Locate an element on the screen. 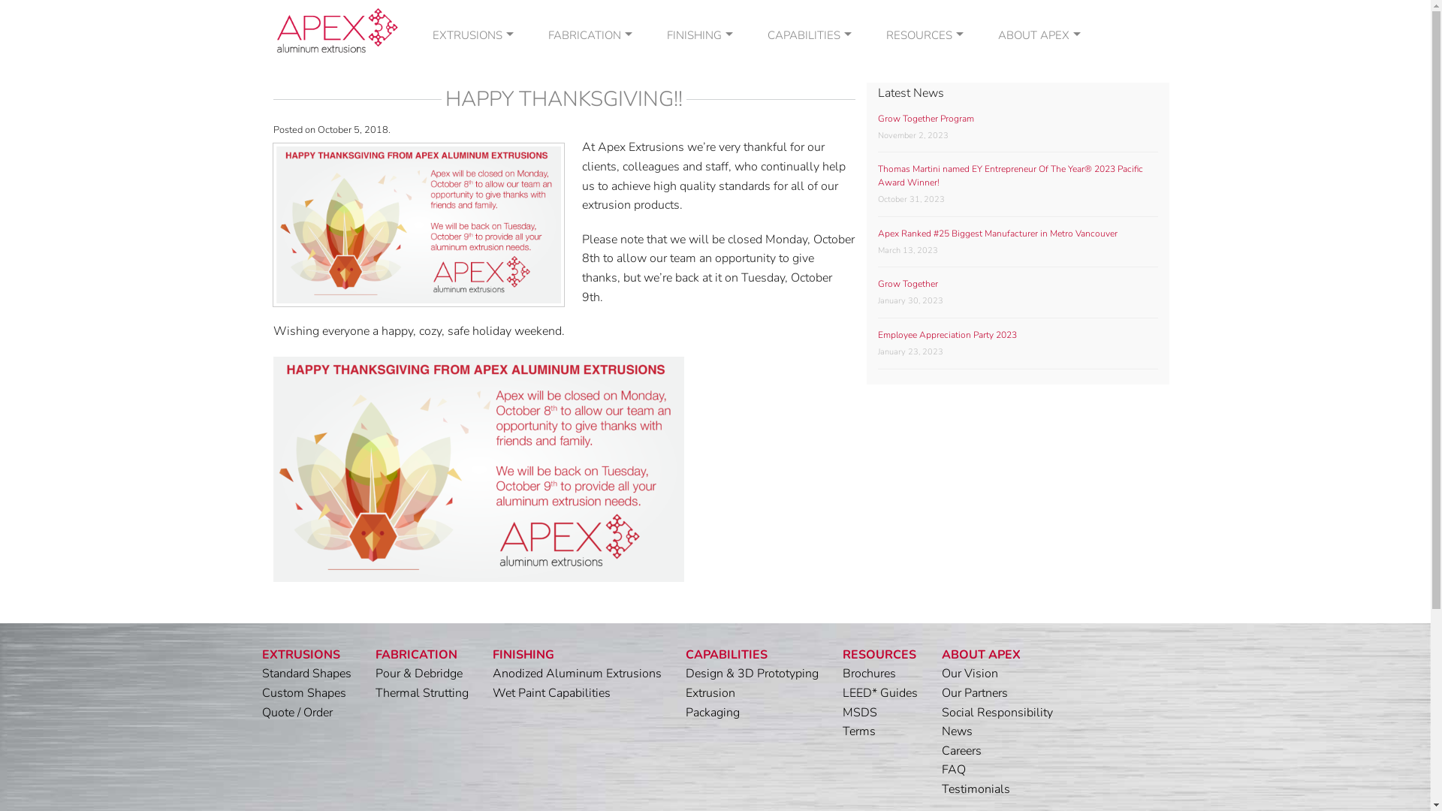  'Testimonials' is located at coordinates (976, 788).